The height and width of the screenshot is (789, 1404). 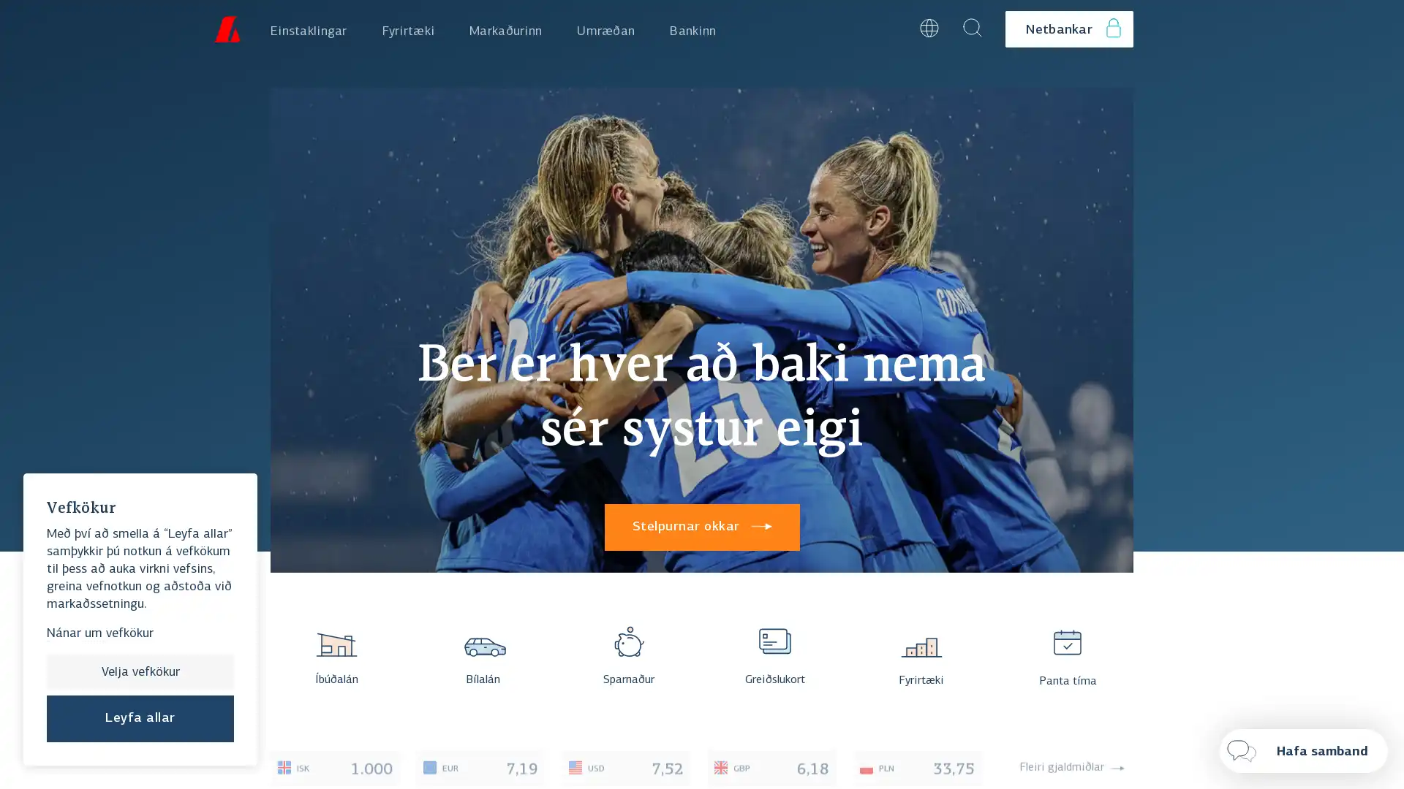 What do you see at coordinates (140, 672) in the screenshot?
I see `Velja vefkokur` at bounding box center [140, 672].